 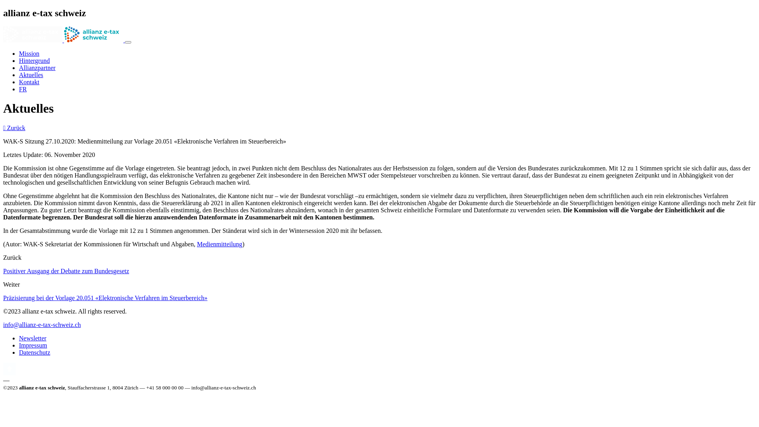 What do you see at coordinates (219, 244) in the screenshot?
I see `'Medienmitteilung'` at bounding box center [219, 244].